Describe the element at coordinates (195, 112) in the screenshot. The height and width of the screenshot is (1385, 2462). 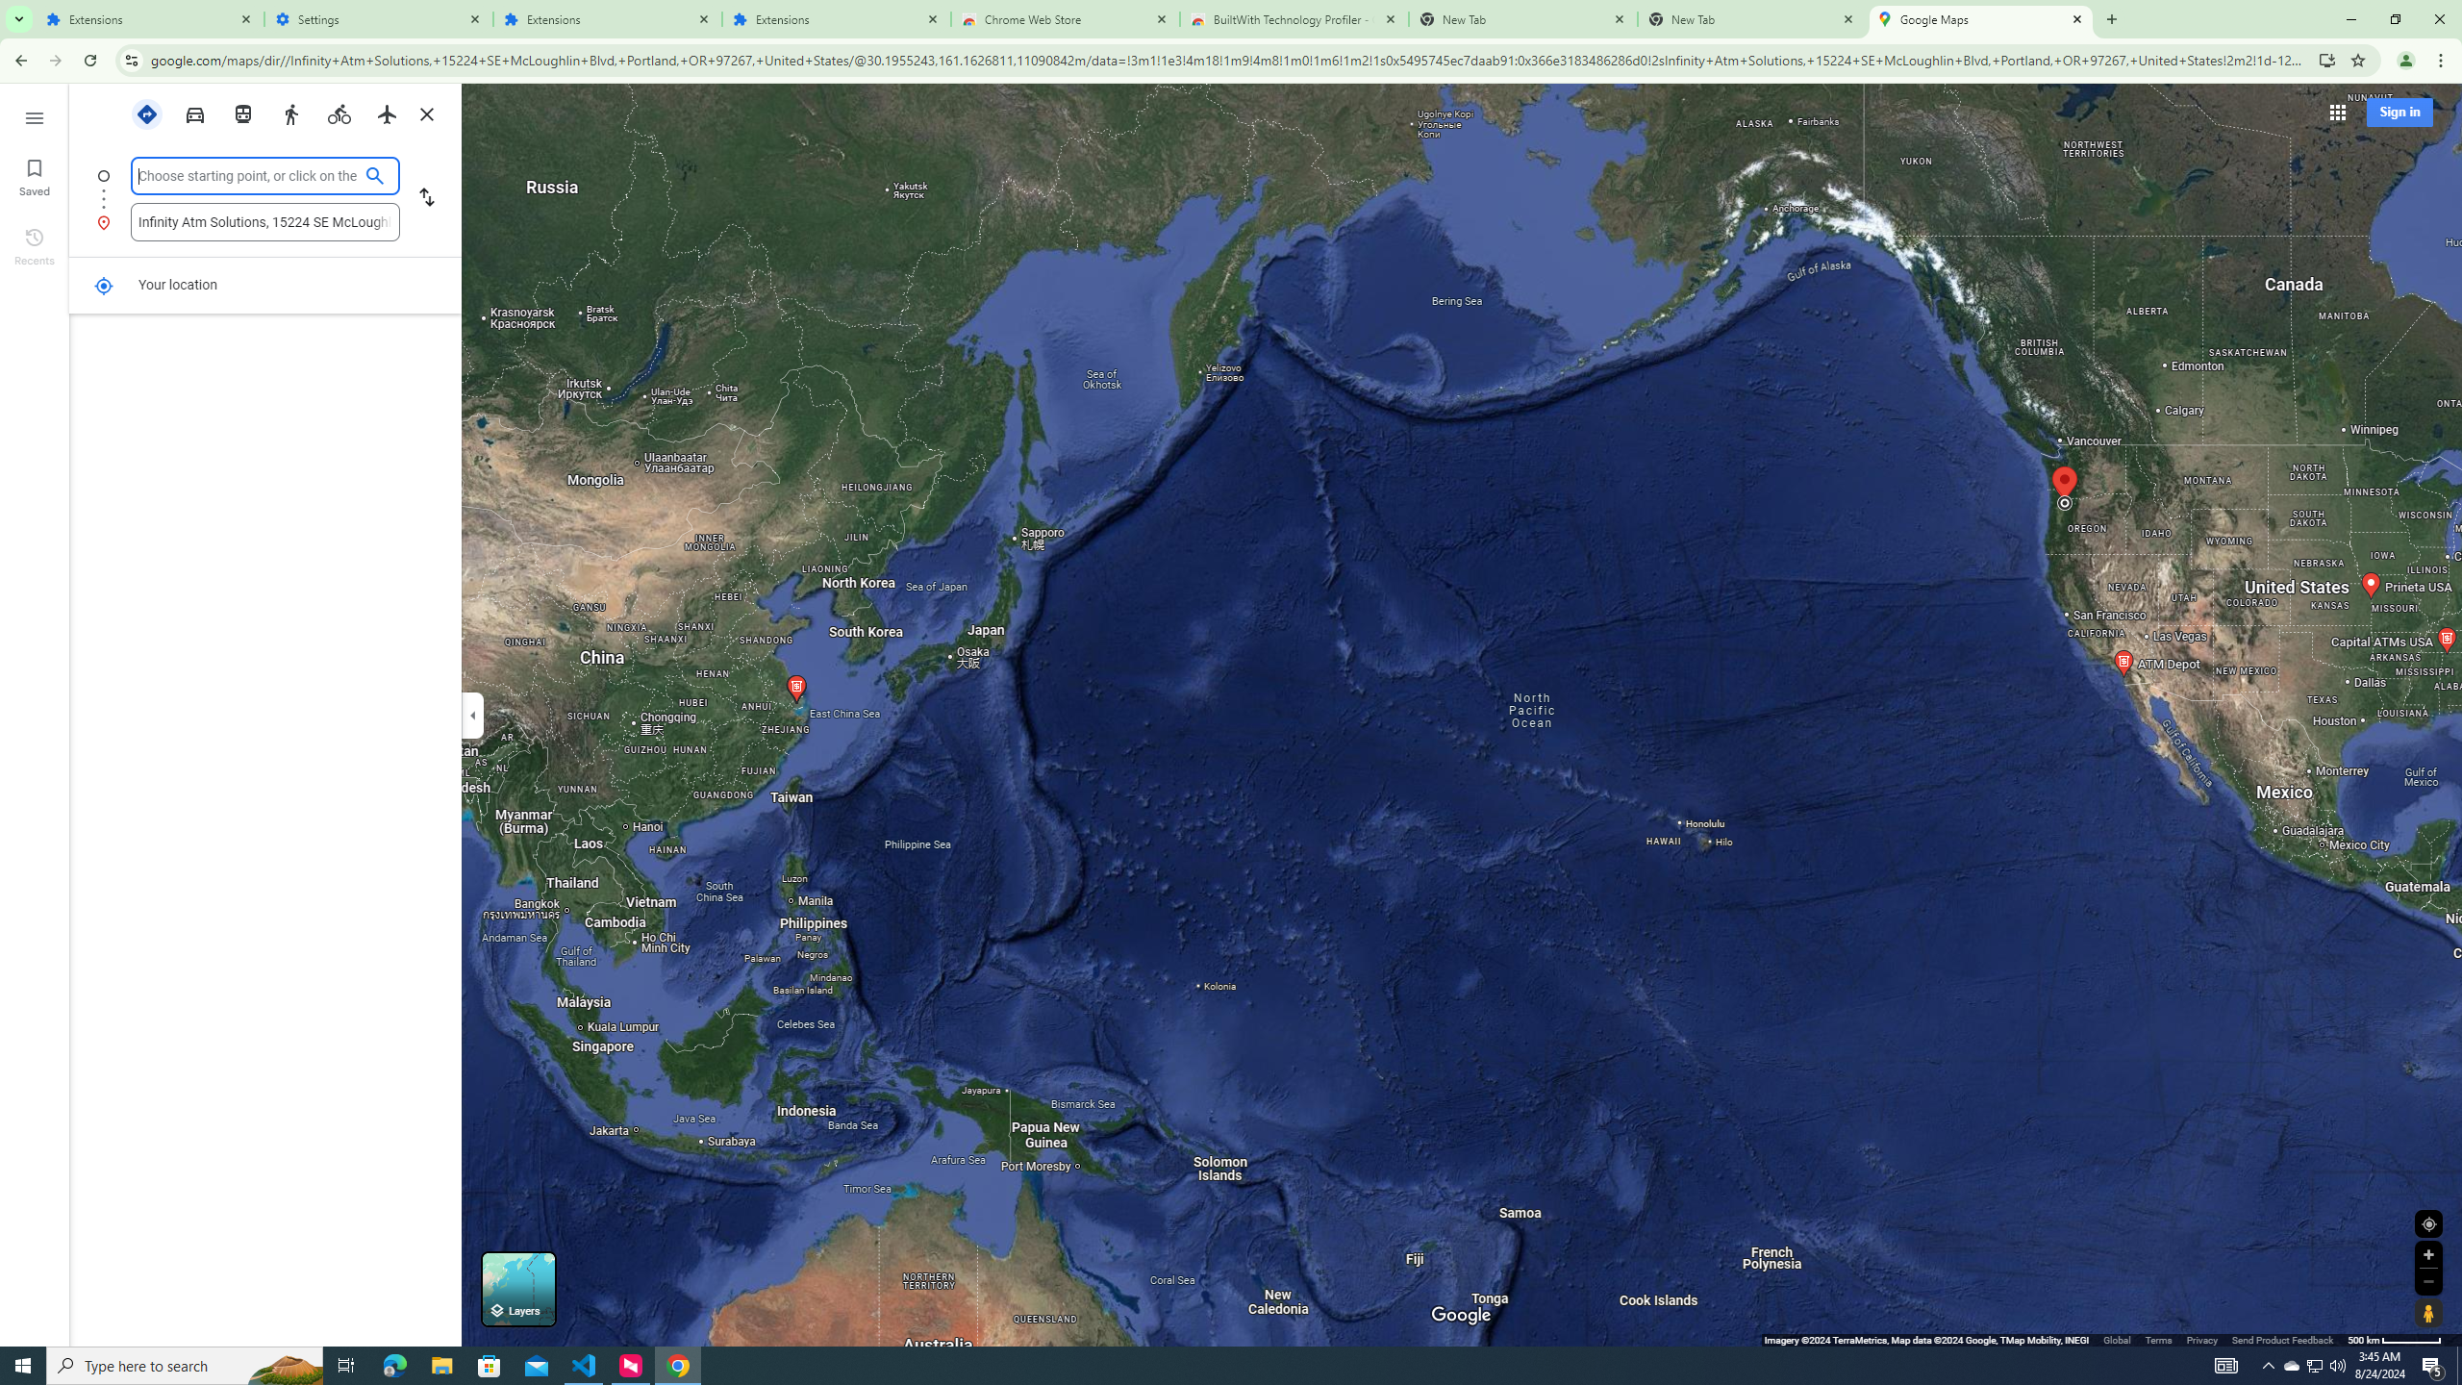
I see `'Driving'` at that location.